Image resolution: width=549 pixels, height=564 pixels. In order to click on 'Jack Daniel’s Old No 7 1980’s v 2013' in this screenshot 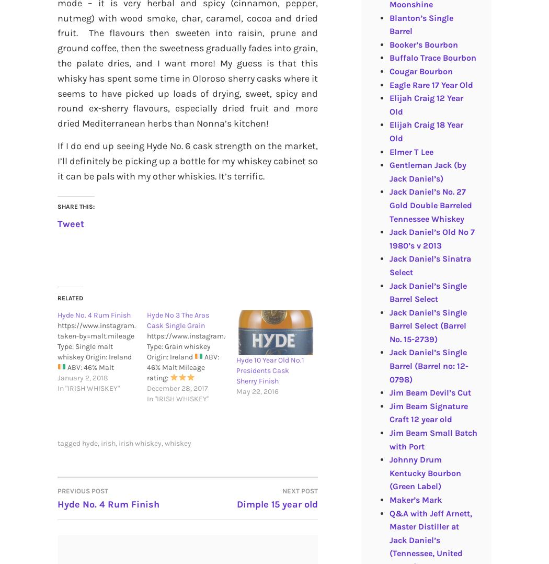, I will do `click(431, 238)`.